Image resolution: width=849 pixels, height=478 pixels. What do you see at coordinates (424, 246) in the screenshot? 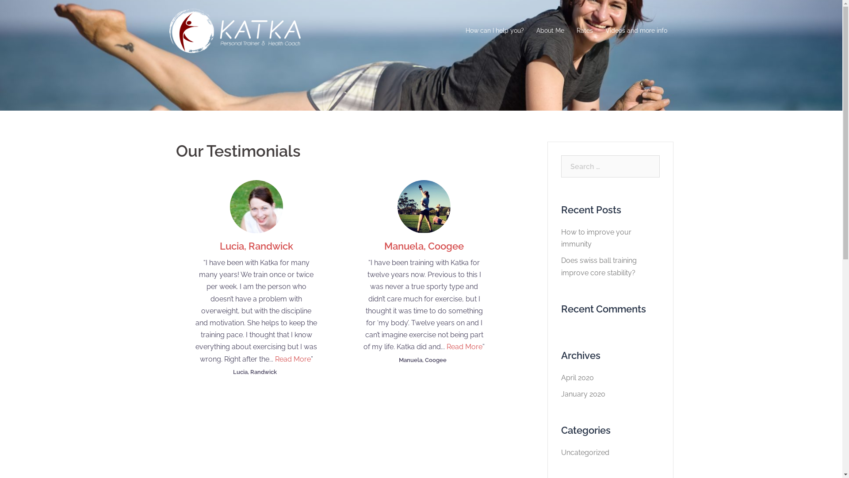
I see `'Manuela, Coogee'` at bounding box center [424, 246].